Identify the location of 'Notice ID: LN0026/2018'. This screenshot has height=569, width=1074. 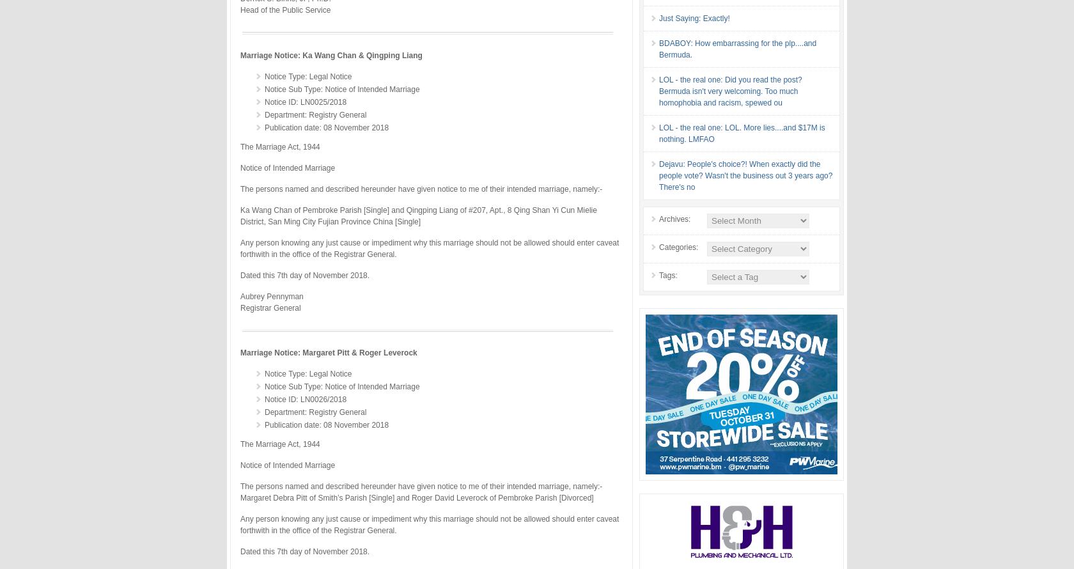
(305, 399).